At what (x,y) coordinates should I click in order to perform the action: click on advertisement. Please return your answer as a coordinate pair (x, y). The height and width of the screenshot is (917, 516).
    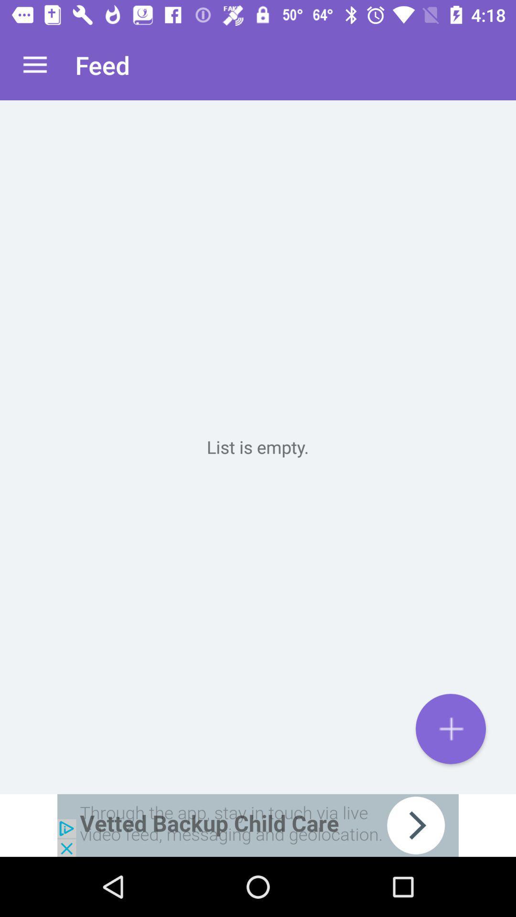
    Looking at the image, I should click on (258, 825).